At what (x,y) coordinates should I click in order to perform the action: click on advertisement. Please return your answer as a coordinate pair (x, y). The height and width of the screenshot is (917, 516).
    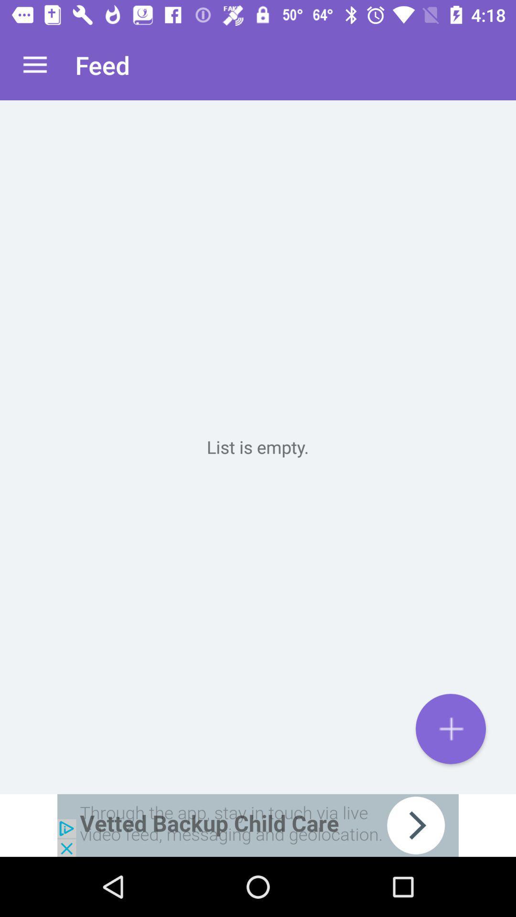
    Looking at the image, I should click on (258, 825).